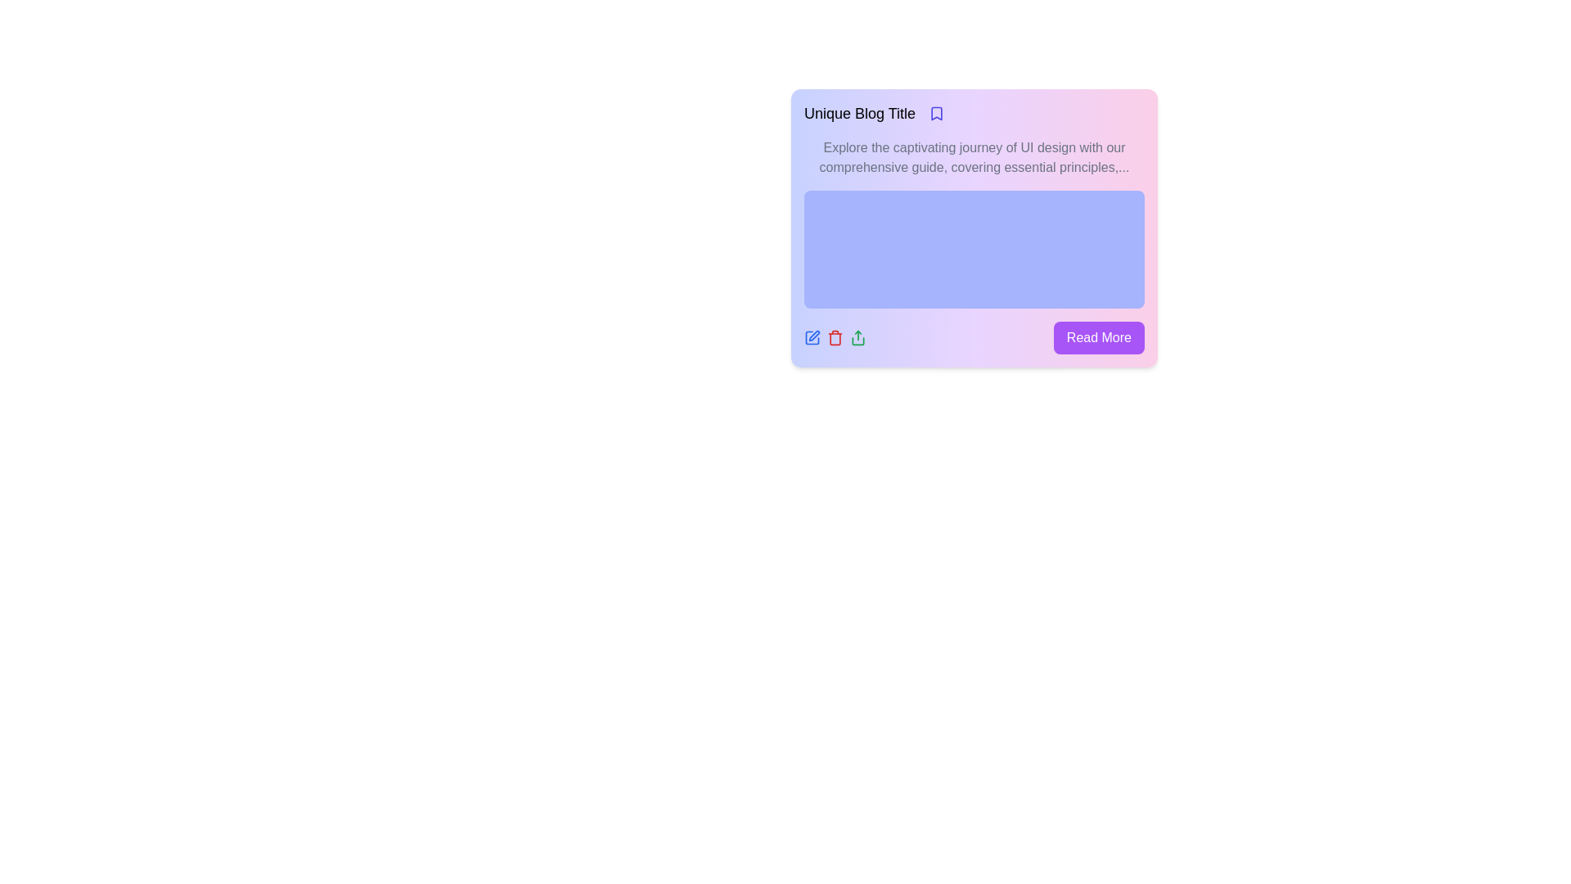 The height and width of the screenshot is (884, 1571). Describe the element at coordinates (835, 336) in the screenshot. I see `the Trashcan Icon located at the bottom-left section of the card` at that location.